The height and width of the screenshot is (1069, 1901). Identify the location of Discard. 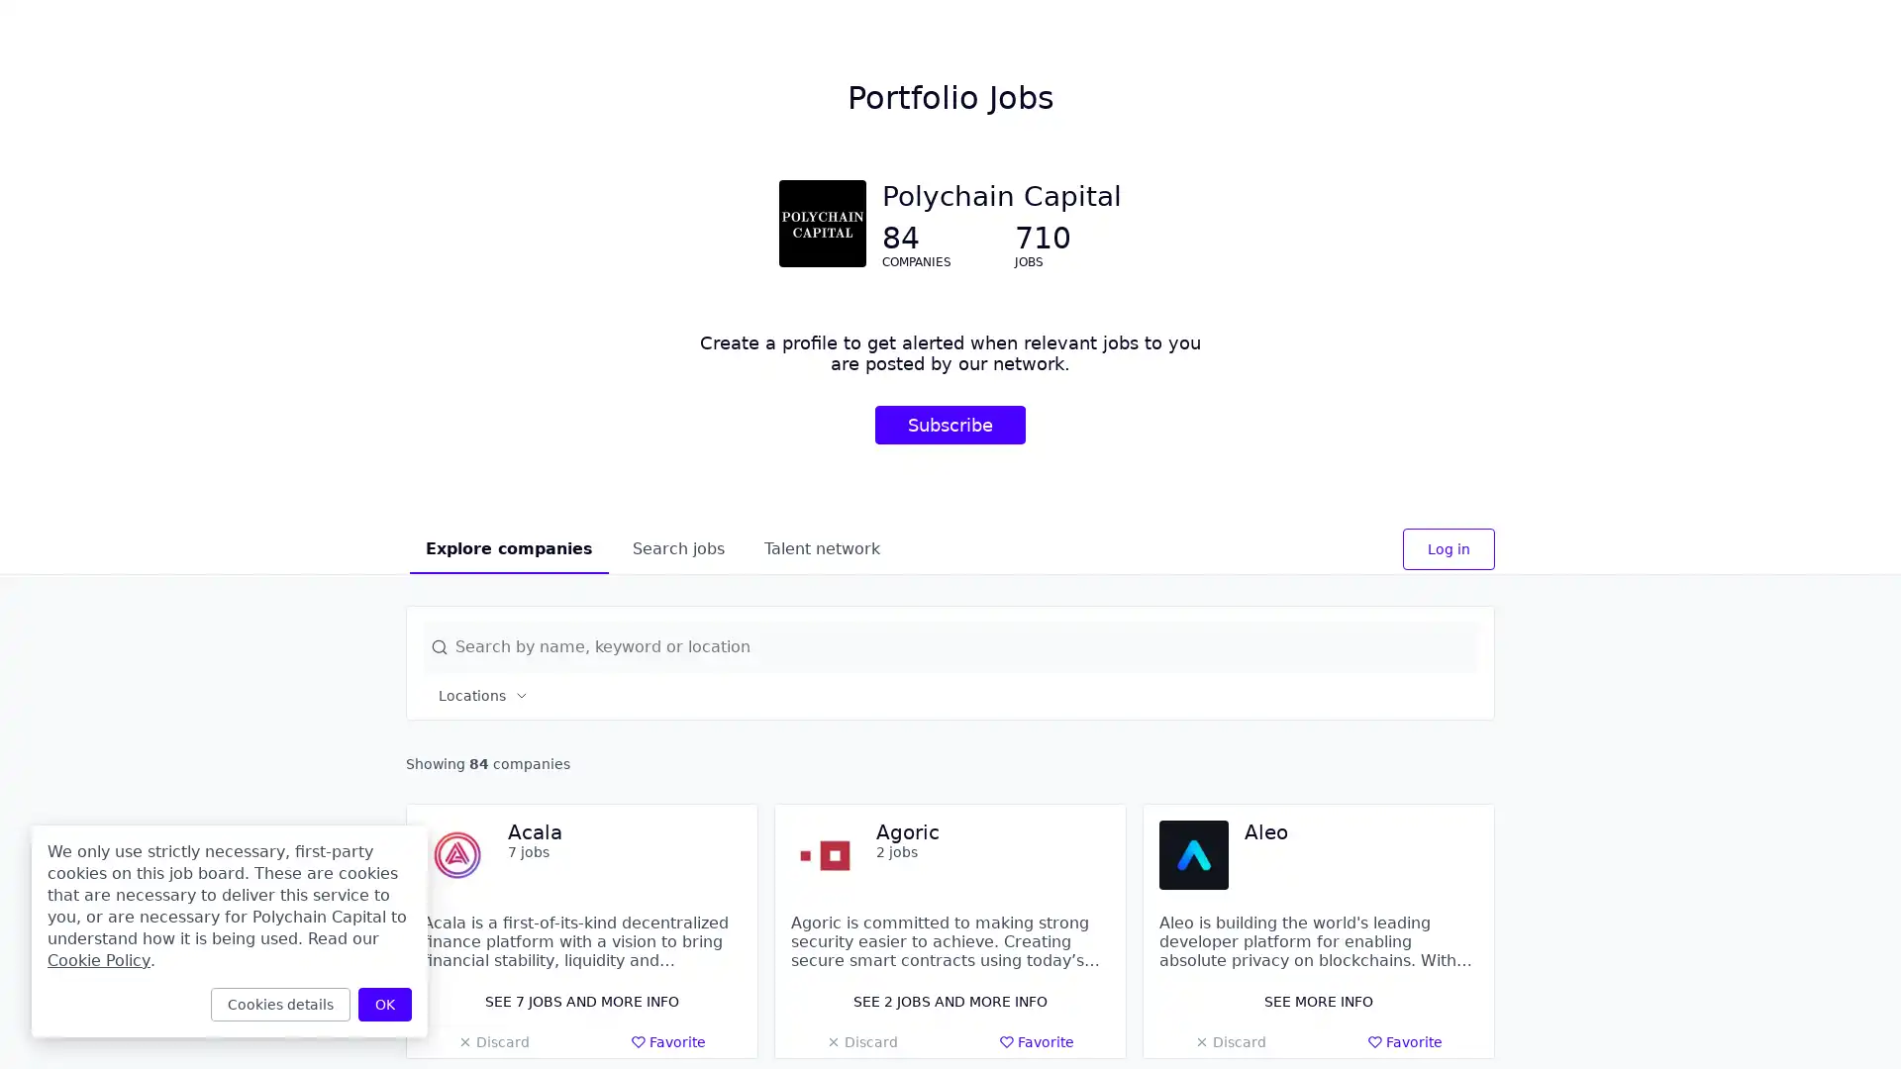
(493, 1041).